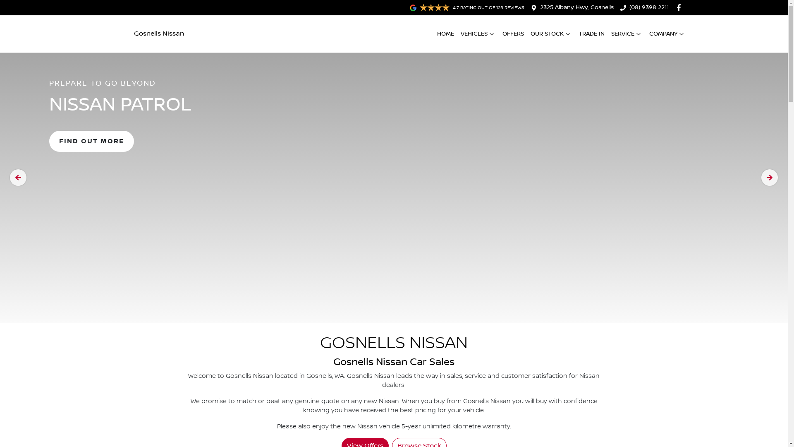 This screenshot has width=794, height=447. Describe the element at coordinates (436, 34) in the screenshot. I see `'HOME'` at that location.